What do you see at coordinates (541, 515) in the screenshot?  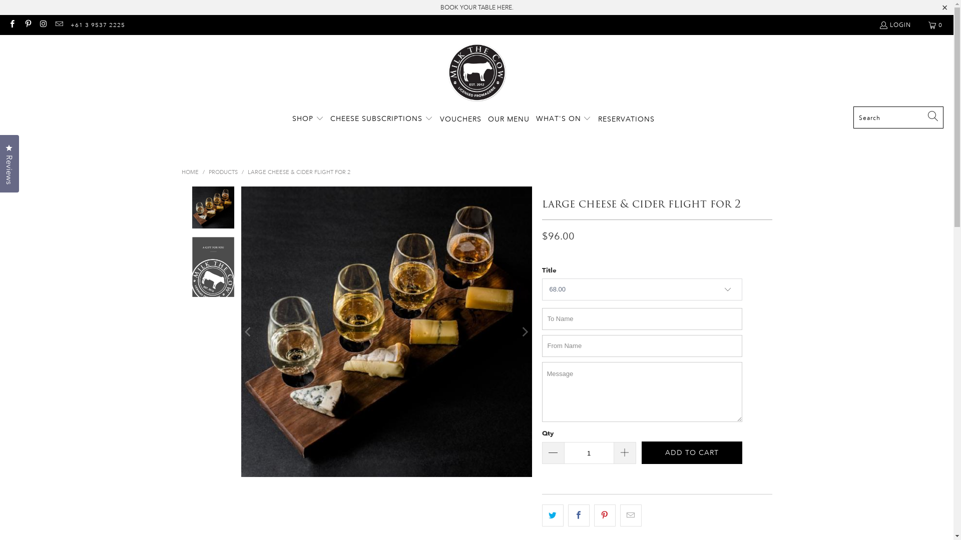 I see `'Share this on Twitter'` at bounding box center [541, 515].